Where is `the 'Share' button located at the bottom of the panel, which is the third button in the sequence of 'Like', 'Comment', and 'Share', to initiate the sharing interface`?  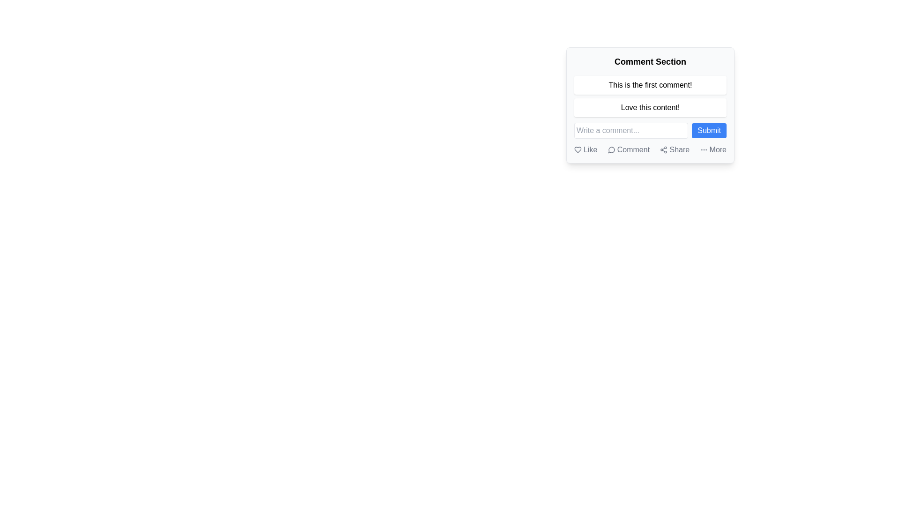
the 'Share' button located at the bottom of the panel, which is the third button in the sequence of 'Like', 'Comment', and 'Share', to initiate the sharing interface is located at coordinates (674, 149).